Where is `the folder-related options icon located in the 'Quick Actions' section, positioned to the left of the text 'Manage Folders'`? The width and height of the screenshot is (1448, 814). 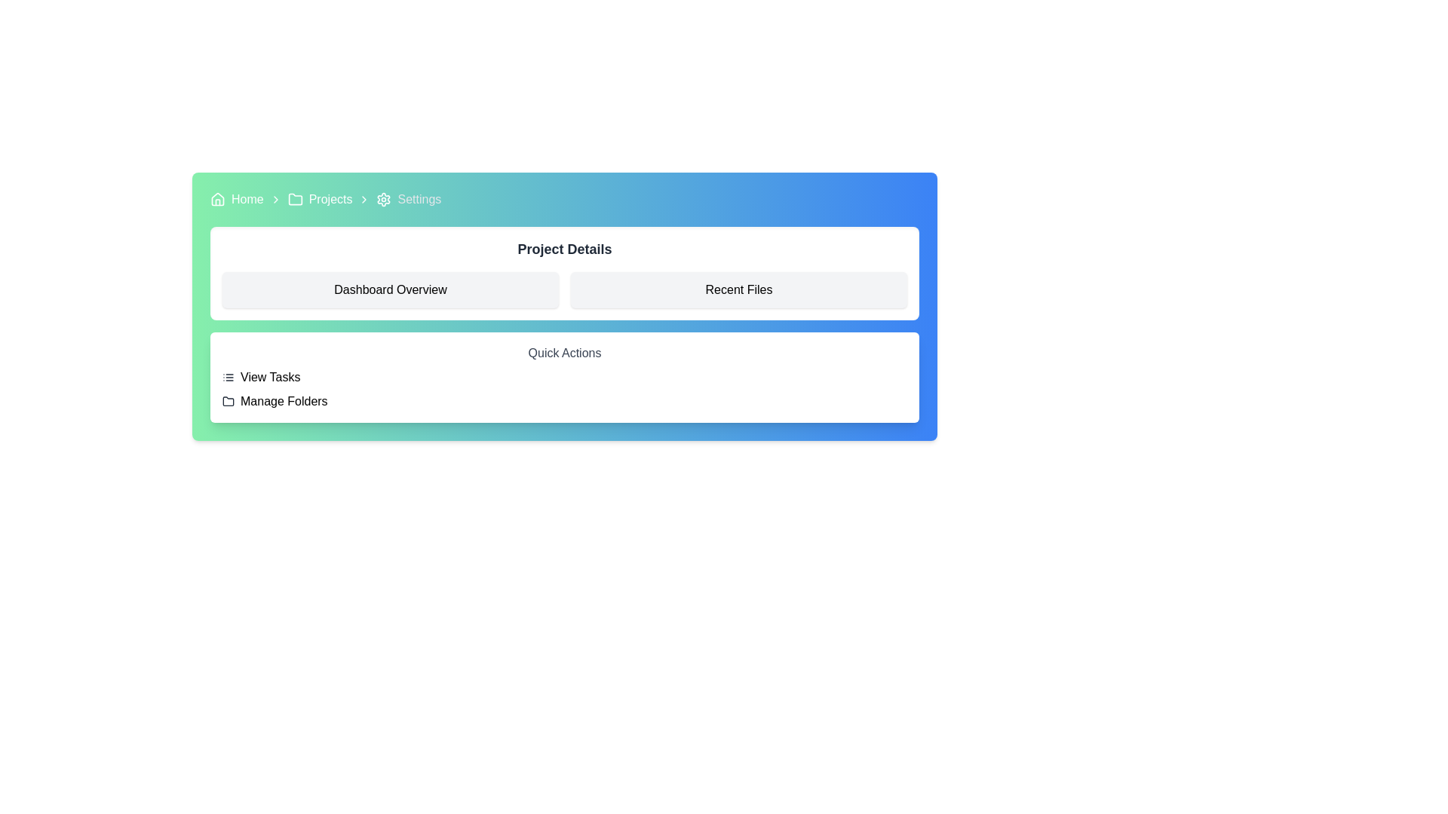 the folder-related options icon located in the 'Quick Actions' section, positioned to the left of the text 'Manage Folders' is located at coordinates (227, 400).